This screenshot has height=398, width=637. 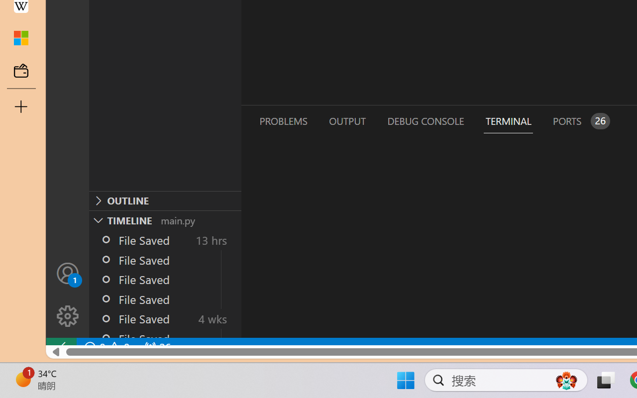 What do you see at coordinates (425, 120) in the screenshot?
I see `'Debug Console (Ctrl+Shift+Y)'` at bounding box center [425, 120].